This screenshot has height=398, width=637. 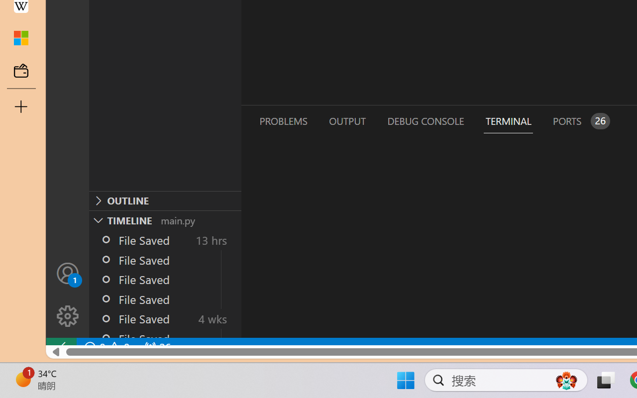 What do you see at coordinates (425, 120) in the screenshot?
I see `'Debug Console (Ctrl+Shift+Y)'` at bounding box center [425, 120].